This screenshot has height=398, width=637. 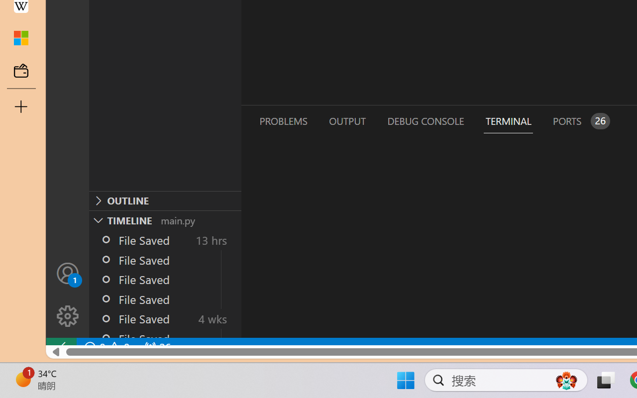 What do you see at coordinates (425, 120) in the screenshot?
I see `'Debug Console (Ctrl+Shift+Y)'` at bounding box center [425, 120].